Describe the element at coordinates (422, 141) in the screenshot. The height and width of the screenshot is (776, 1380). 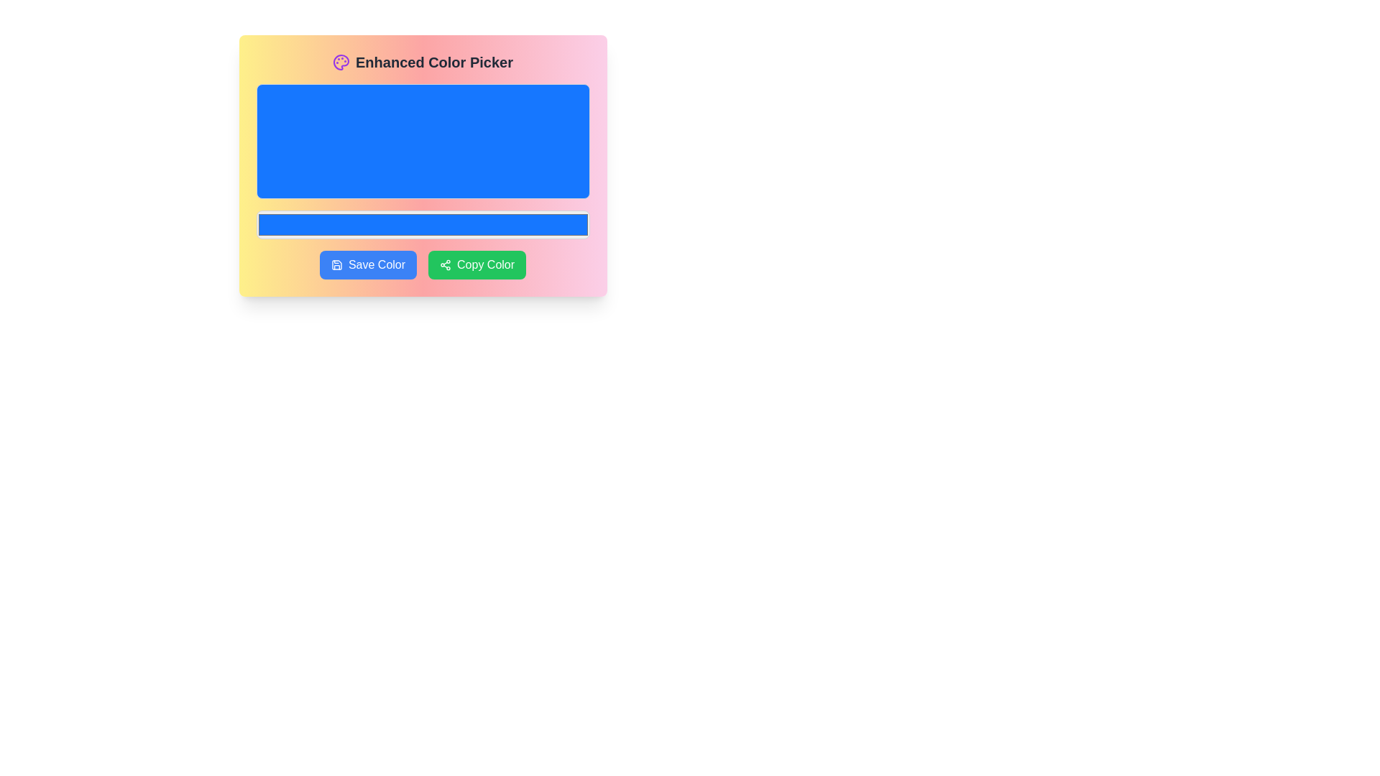
I see `the rectangular Display area with rounded corners and a solid blue fill located in the central part of the 'Enhanced Color Picker' section` at that location.